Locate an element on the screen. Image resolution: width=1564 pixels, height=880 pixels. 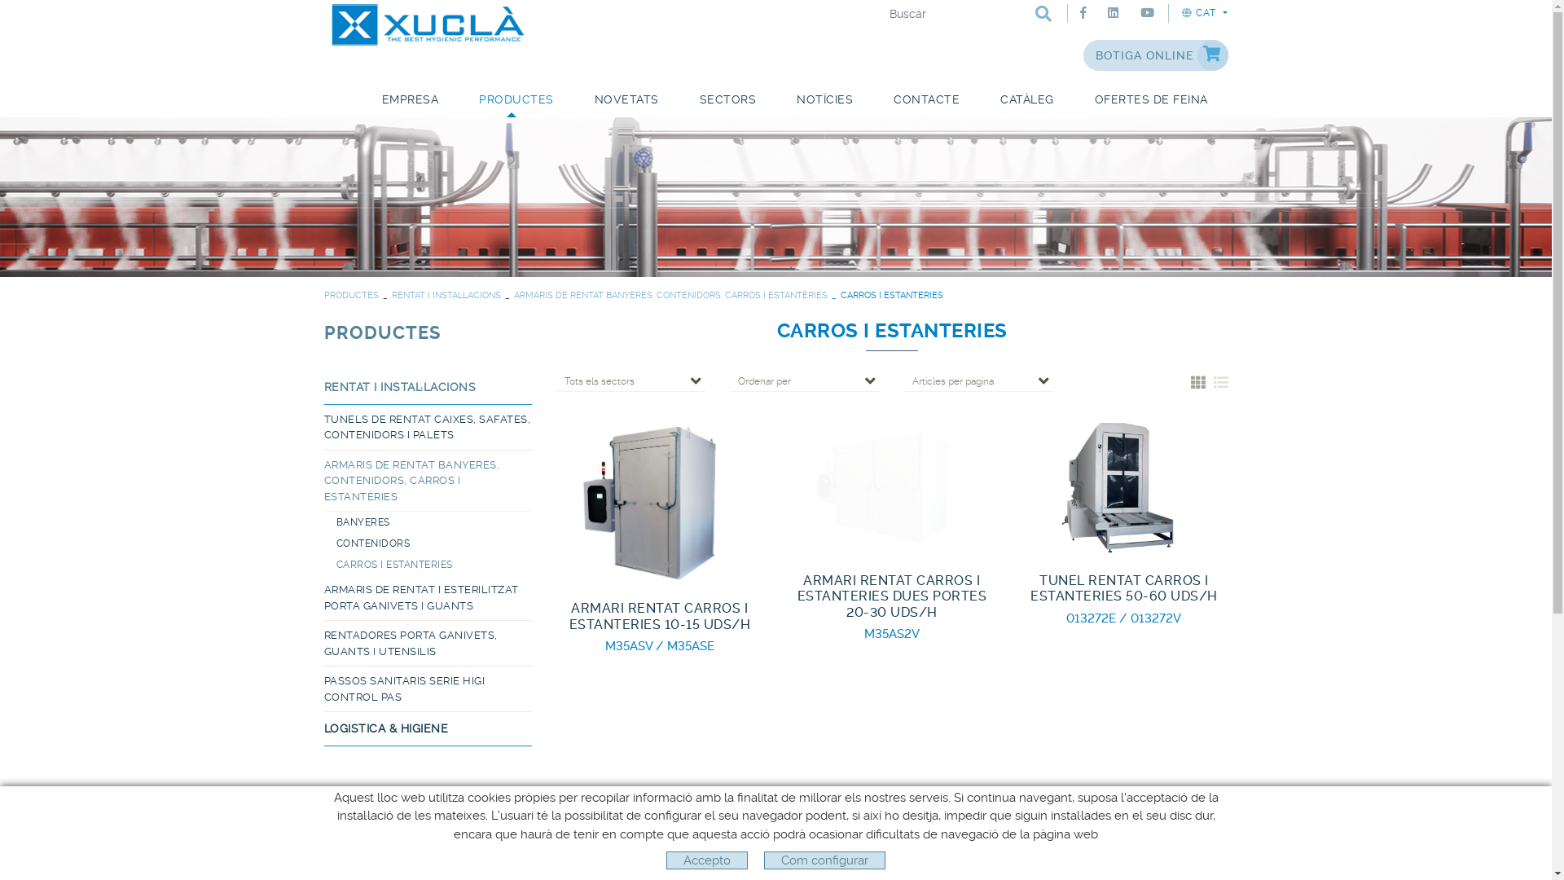
'OFERTES DE FEINA' is located at coordinates (1149, 100).